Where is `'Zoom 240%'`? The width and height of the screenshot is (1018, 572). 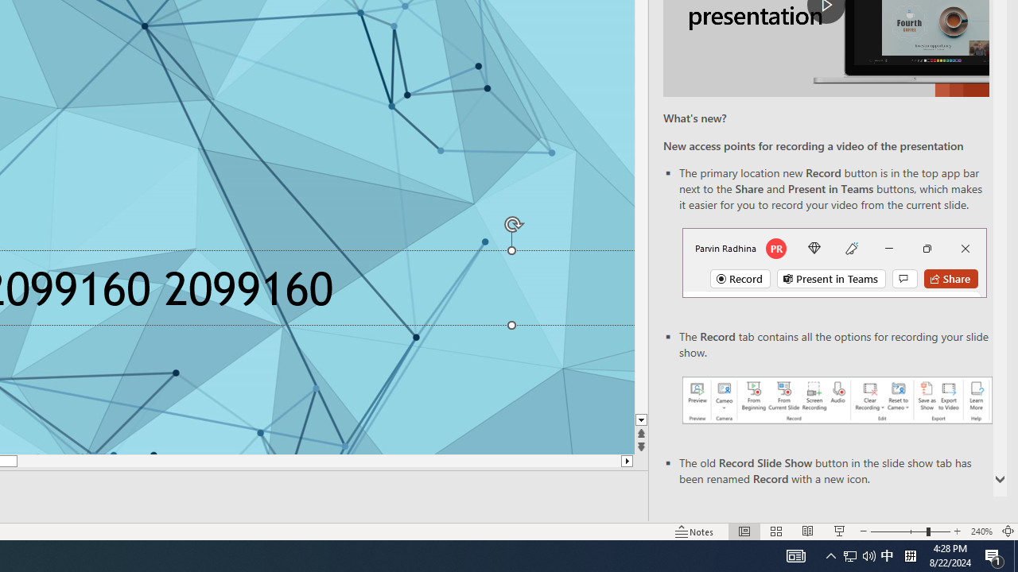
'Zoom 240%' is located at coordinates (981, 531).